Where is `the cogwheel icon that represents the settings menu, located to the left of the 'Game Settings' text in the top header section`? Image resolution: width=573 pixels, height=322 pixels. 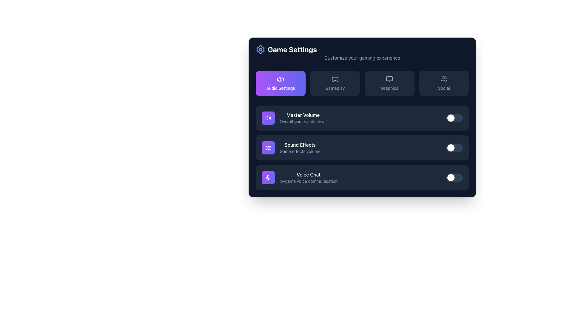 the cogwheel icon that represents the settings menu, located to the left of the 'Game Settings' text in the top header section is located at coordinates (261, 49).